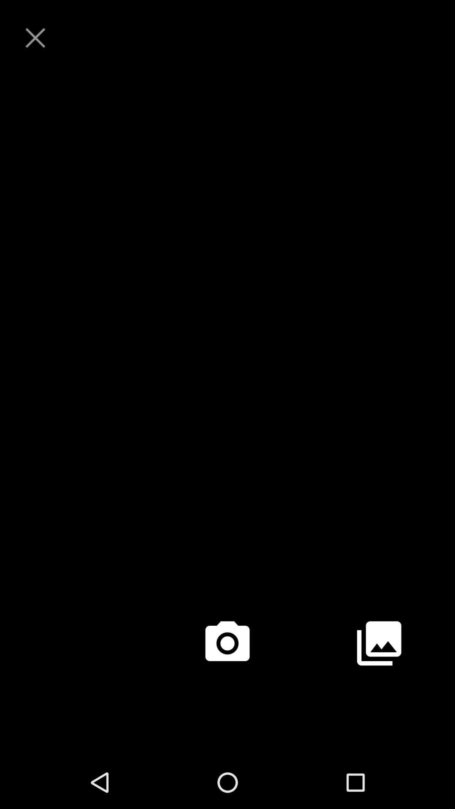 This screenshot has width=455, height=809. What do you see at coordinates (35, 40) in the screenshot?
I see `the close icon` at bounding box center [35, 40].